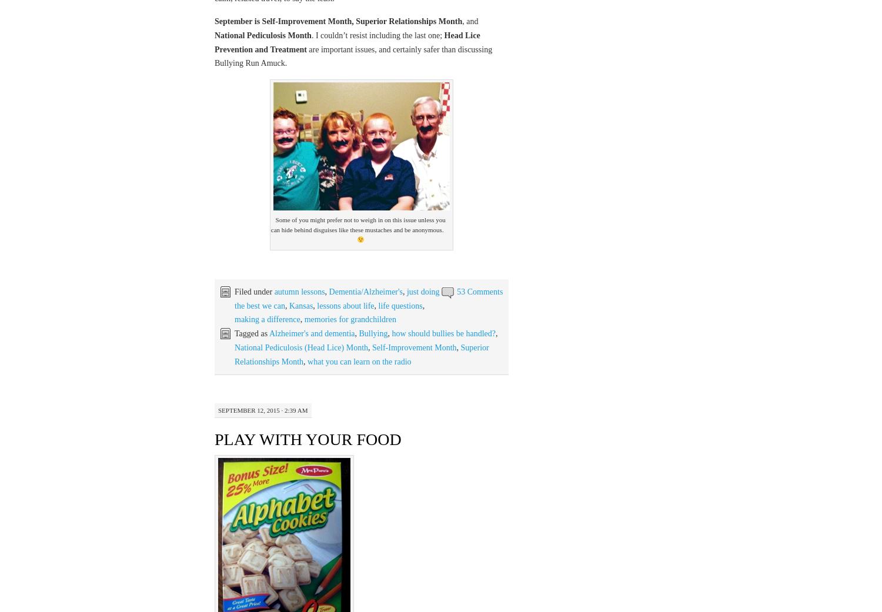 The width and height of the screenshot is (882, 612). I want to click on 'life questions', so click(400, 305).